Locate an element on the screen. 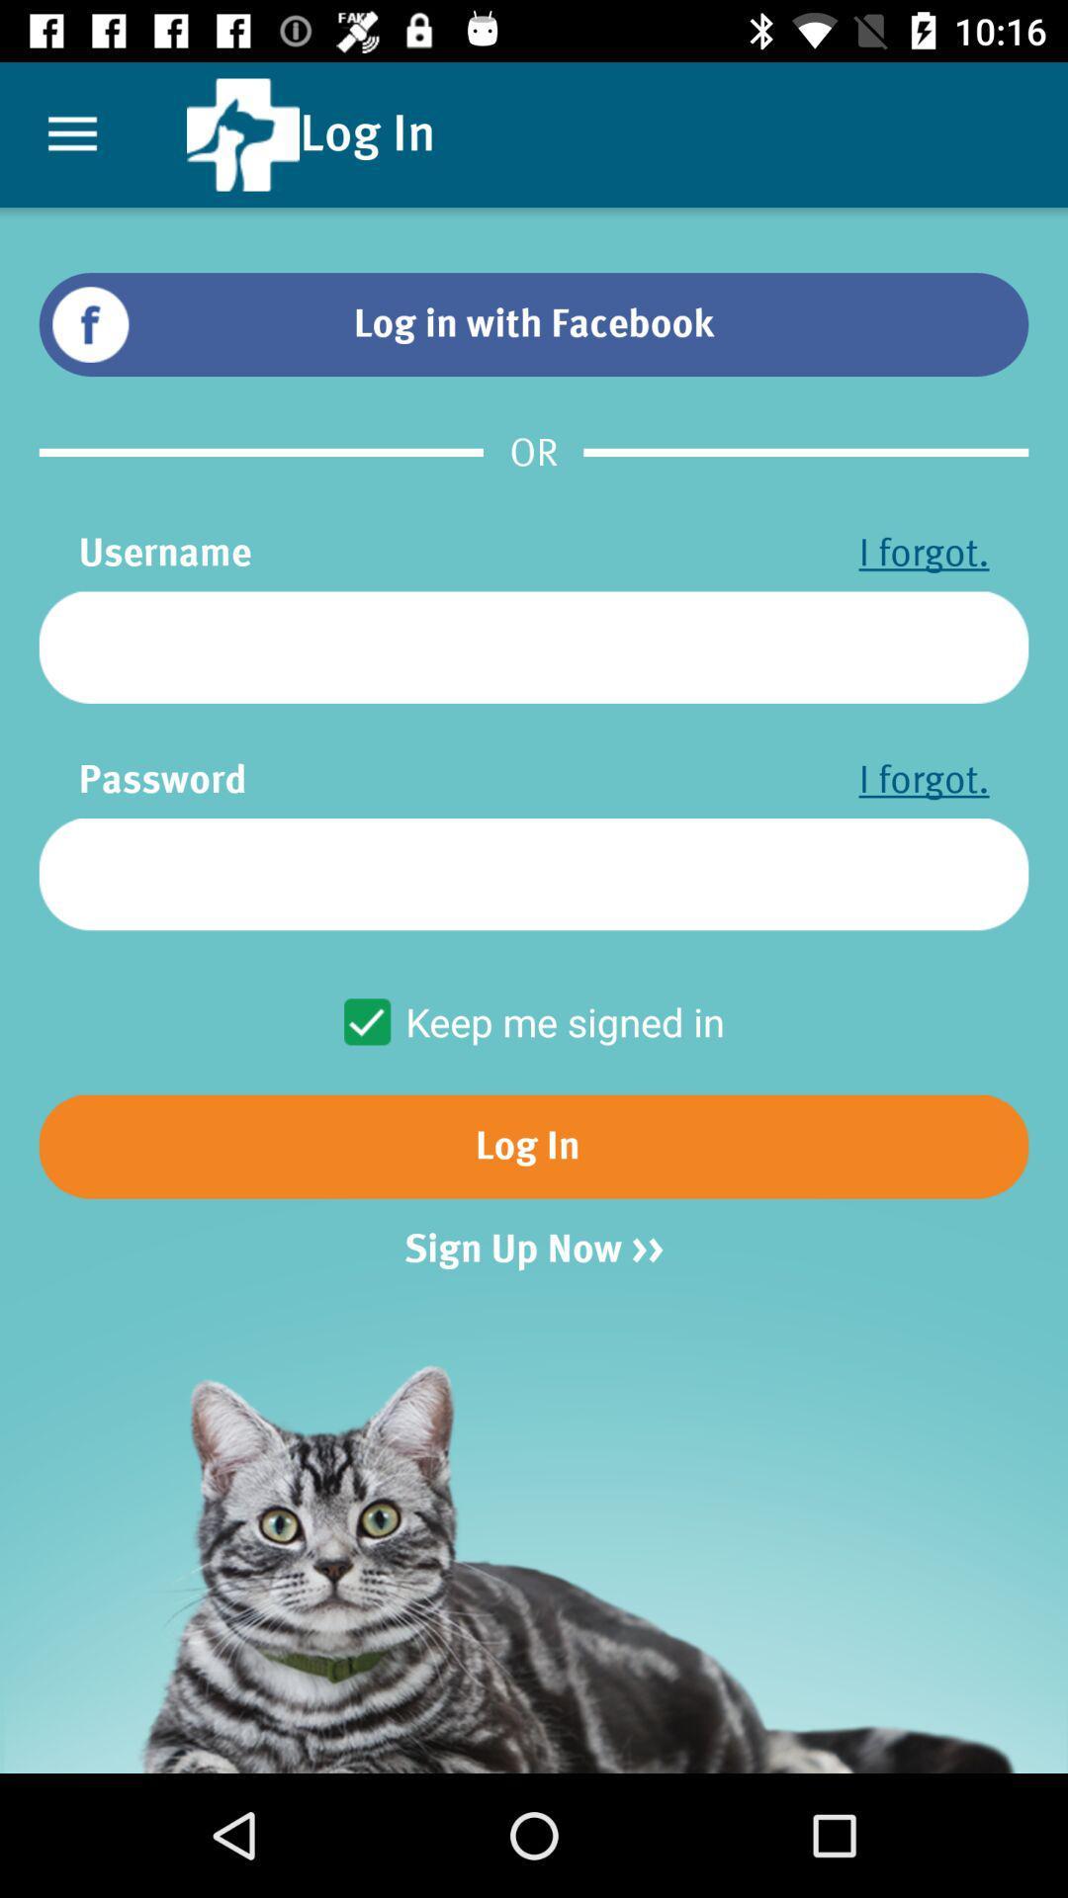 Image resolution: width=1068 pixels, height=1898 pixels. keep me signed is located at coordinates (532, 1021).